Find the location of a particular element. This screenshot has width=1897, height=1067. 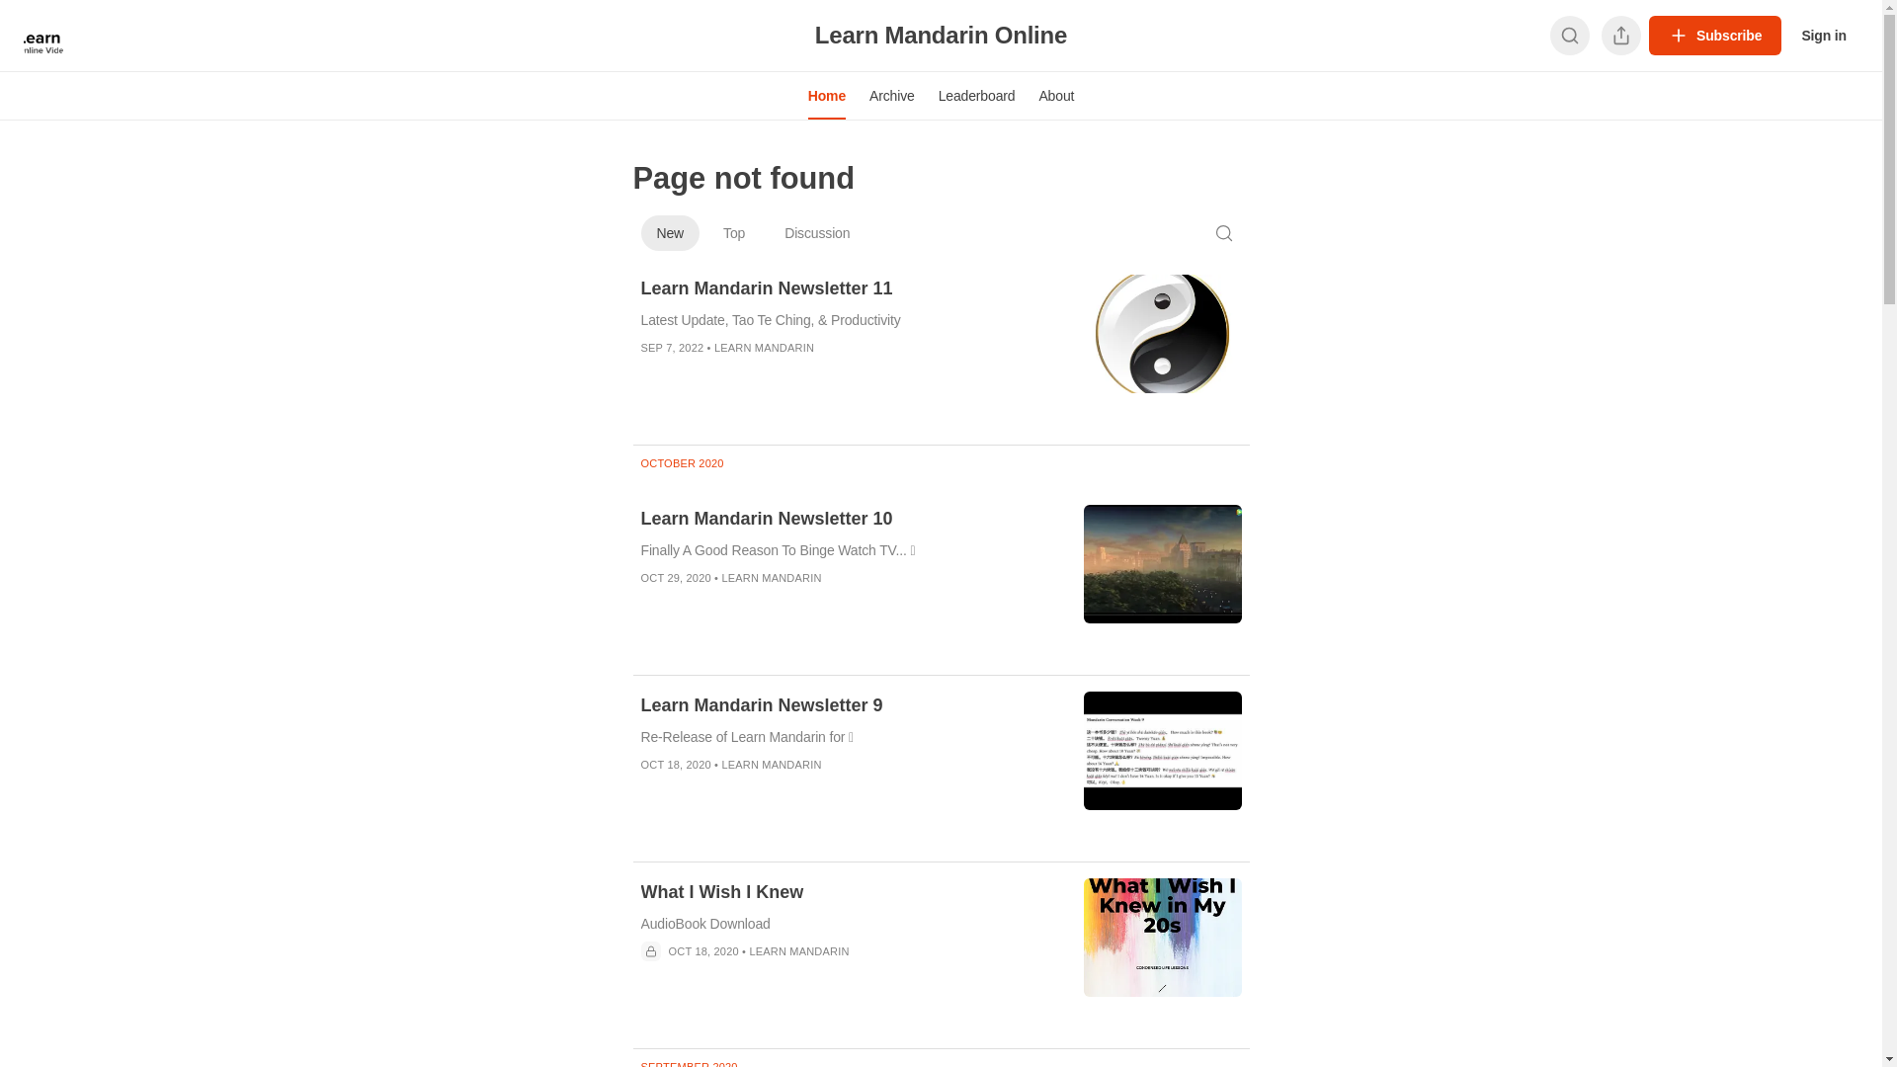

'Archive' is located at coordinates (890, 95).